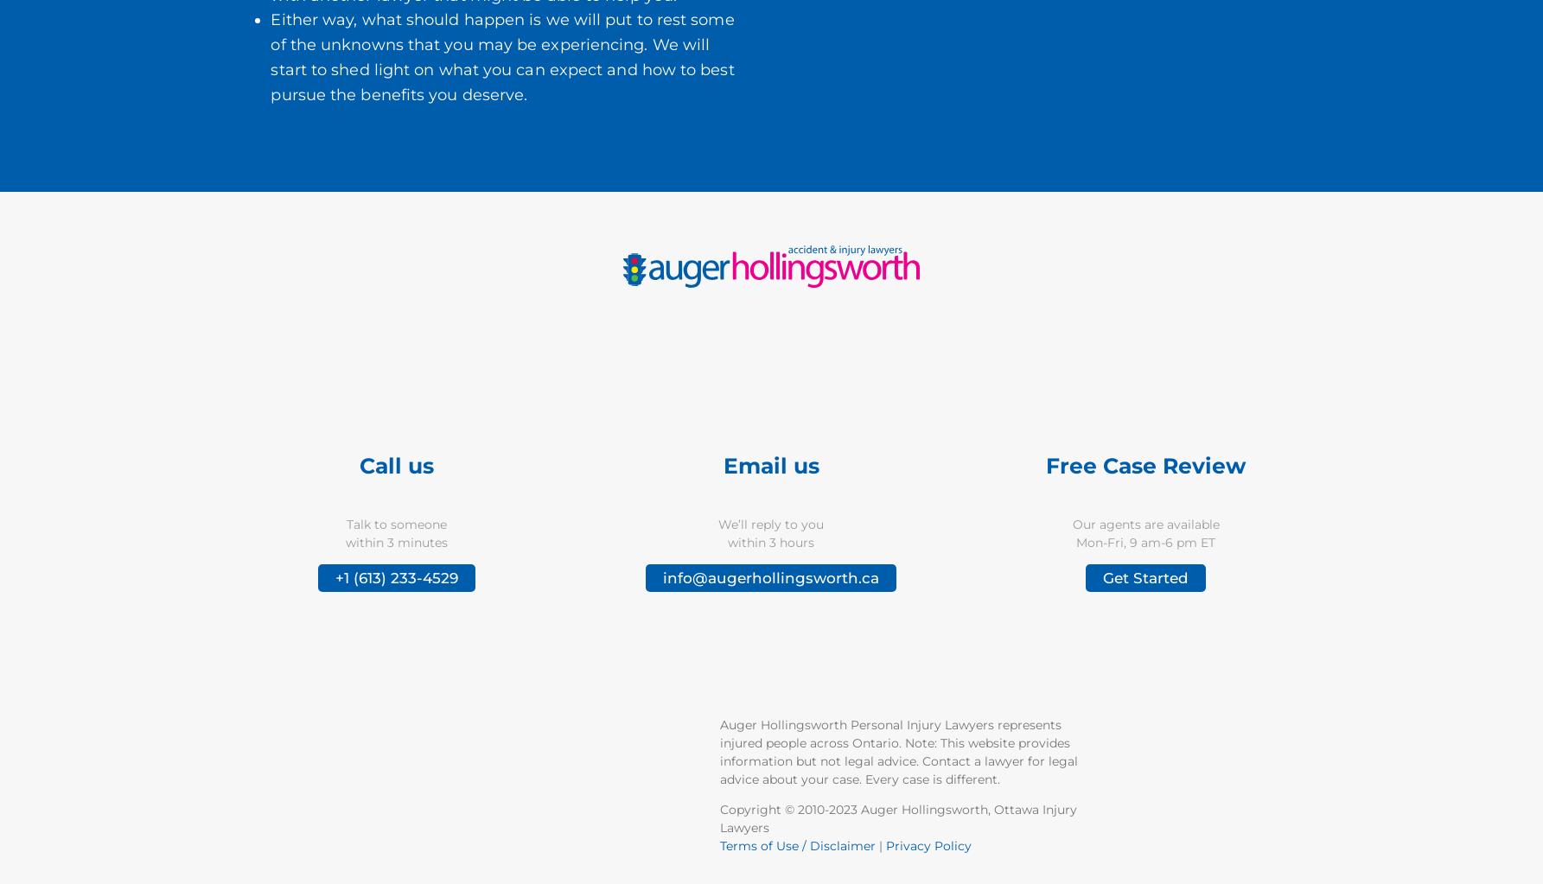 The width and height of the screenshot is (1543, 884). What do you see at coordinates (770, 463) in the screenshot?
I see `'Email us'` at bounding box center [770, 463].